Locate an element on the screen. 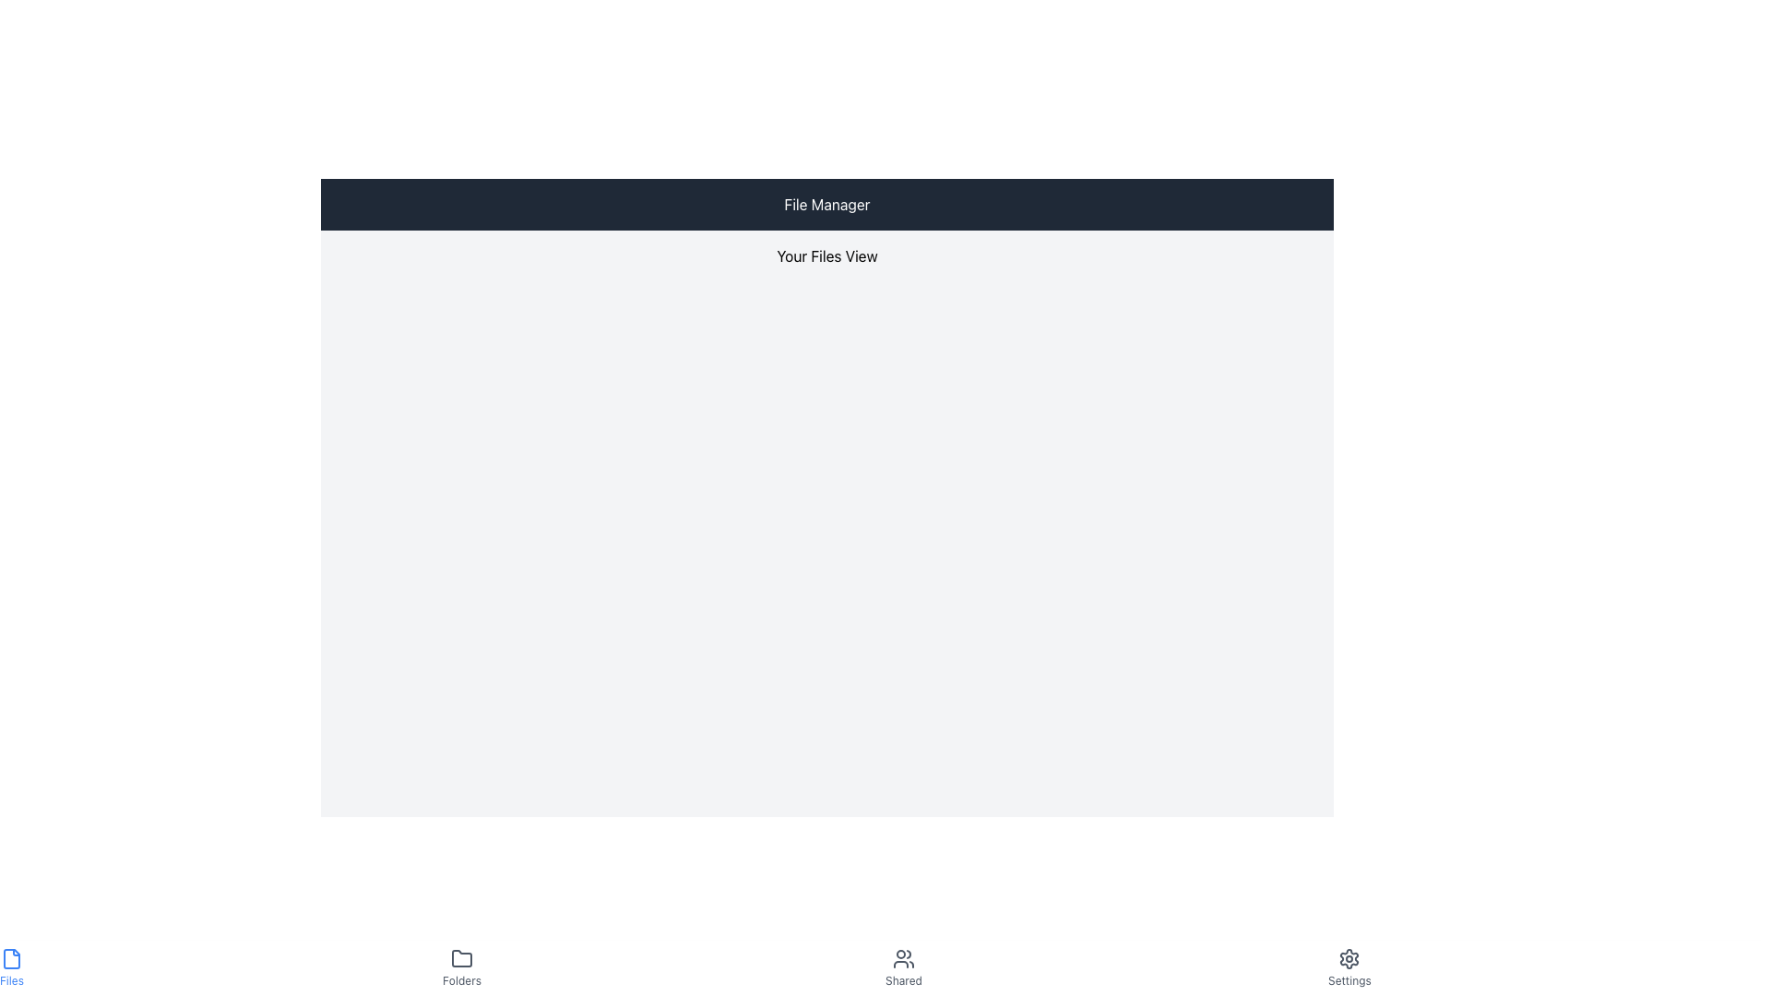 The height and width of the screenshot is (996, 1771). the 'File Manager' header to check for visual changes is located at coordinates (826, 205).